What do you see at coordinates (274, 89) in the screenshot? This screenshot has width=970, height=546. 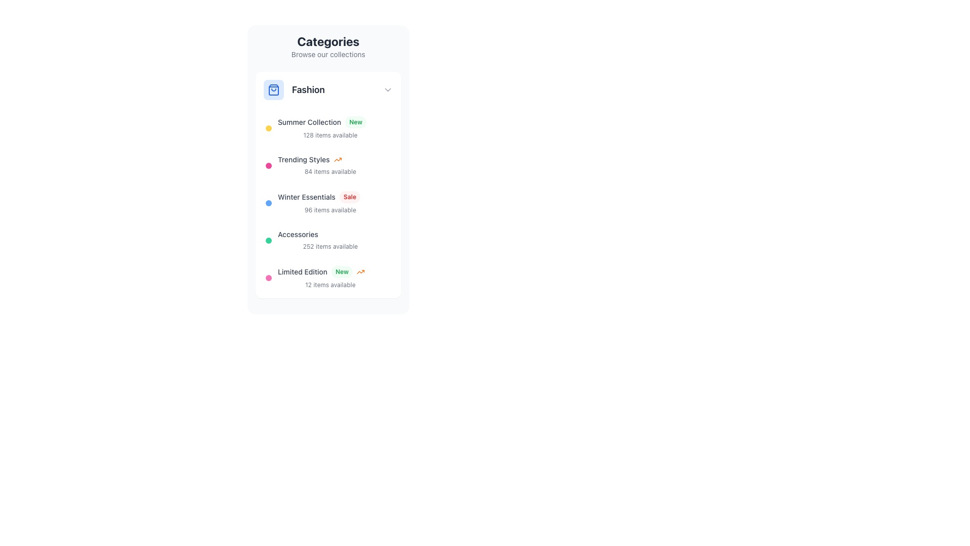 I see `the 'Fashion' category icon` at bounding box center [274, 89].